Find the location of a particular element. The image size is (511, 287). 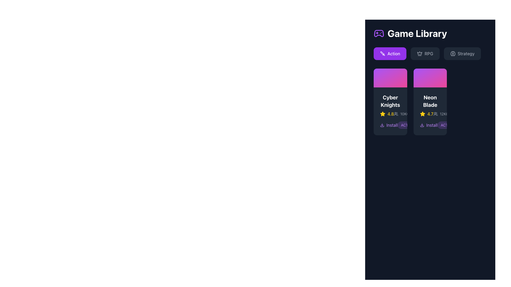

the button labeled 'RPG' with a crown icon is located at coordinates (425, 53).